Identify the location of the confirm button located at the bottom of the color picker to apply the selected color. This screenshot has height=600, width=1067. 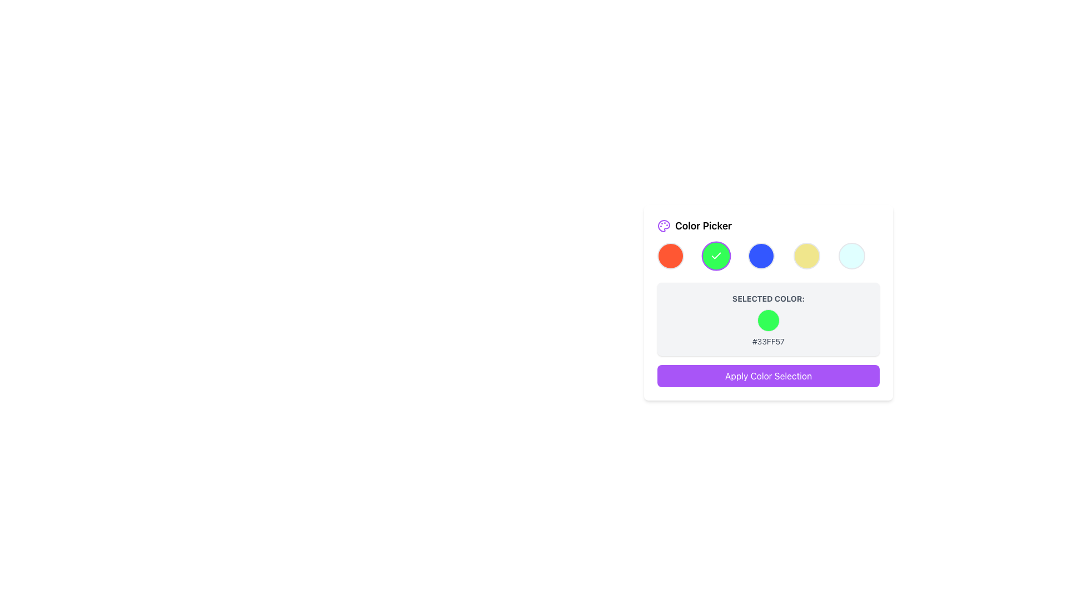
(767, 376).